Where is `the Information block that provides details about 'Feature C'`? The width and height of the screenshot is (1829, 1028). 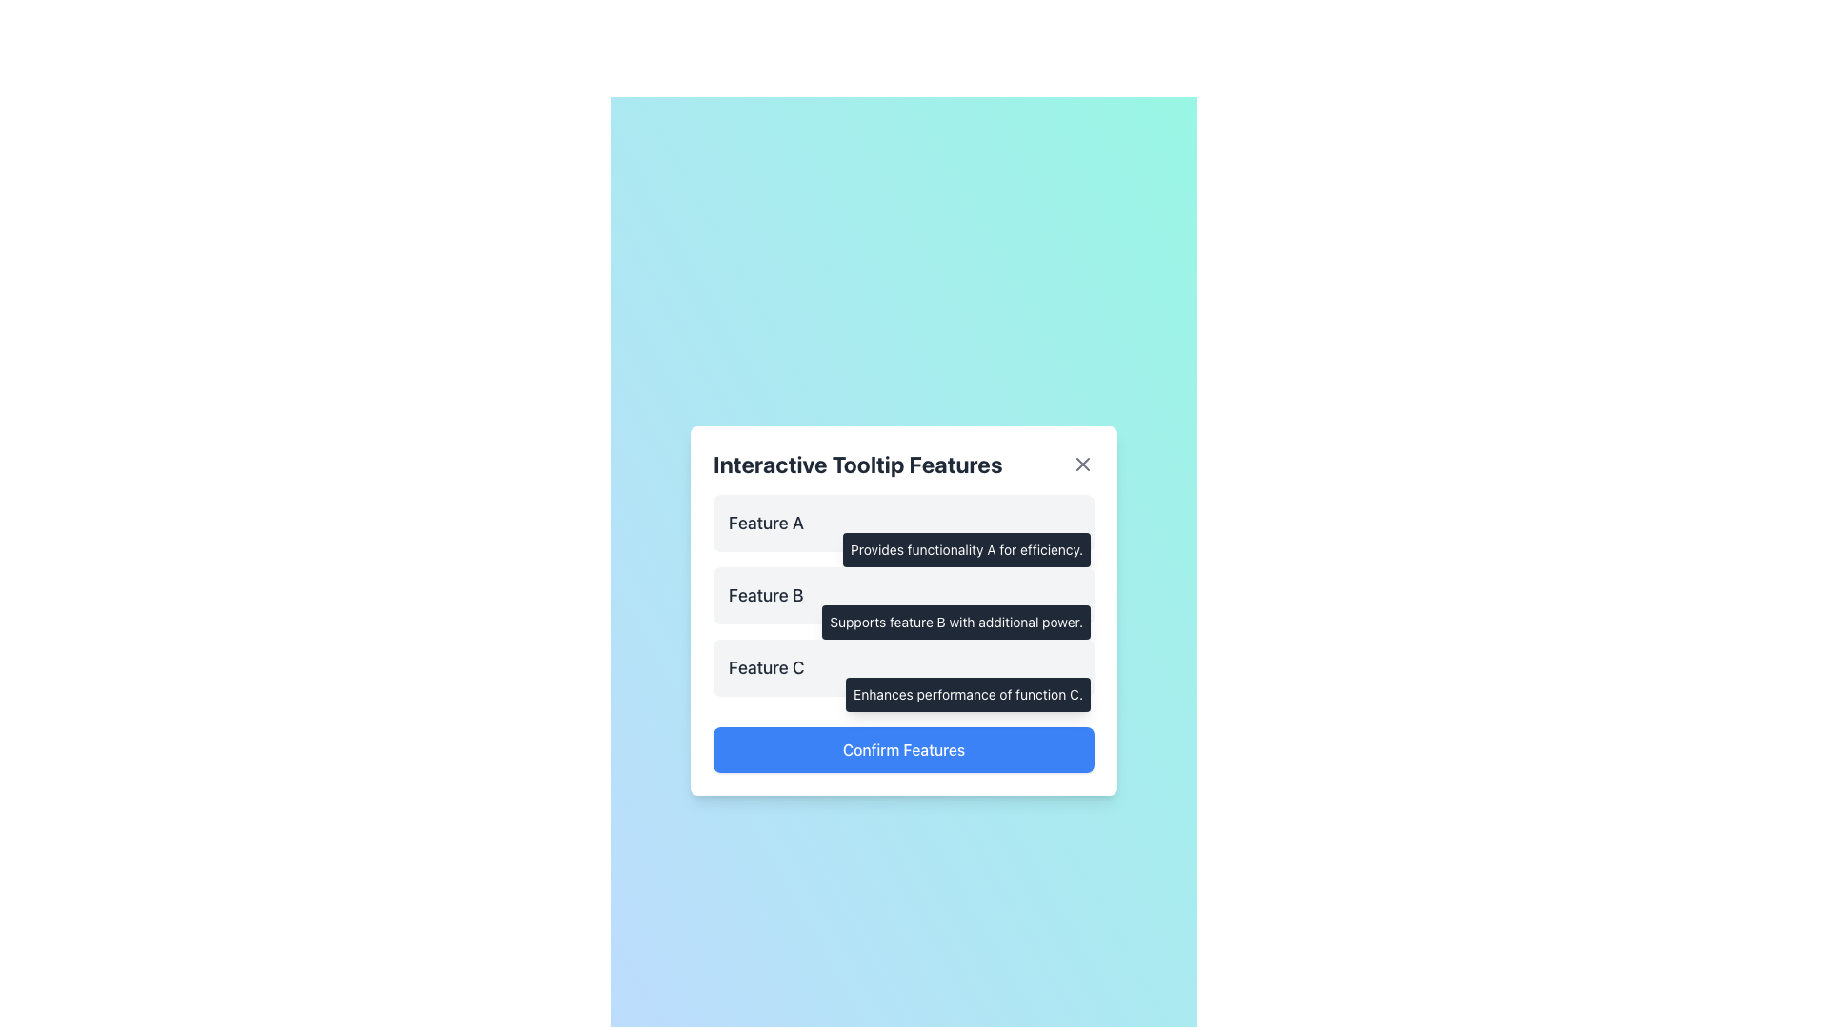
the Information block that provides details about 'Feature C' is located at coordinates (903, 667).